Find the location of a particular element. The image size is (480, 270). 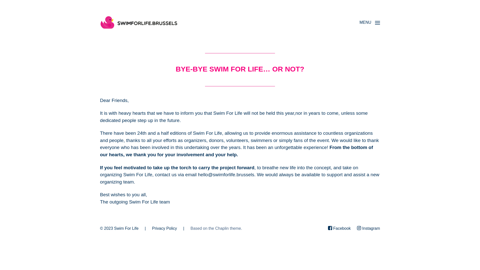

'Privacy Policy' is located at coordinates (164, 228).